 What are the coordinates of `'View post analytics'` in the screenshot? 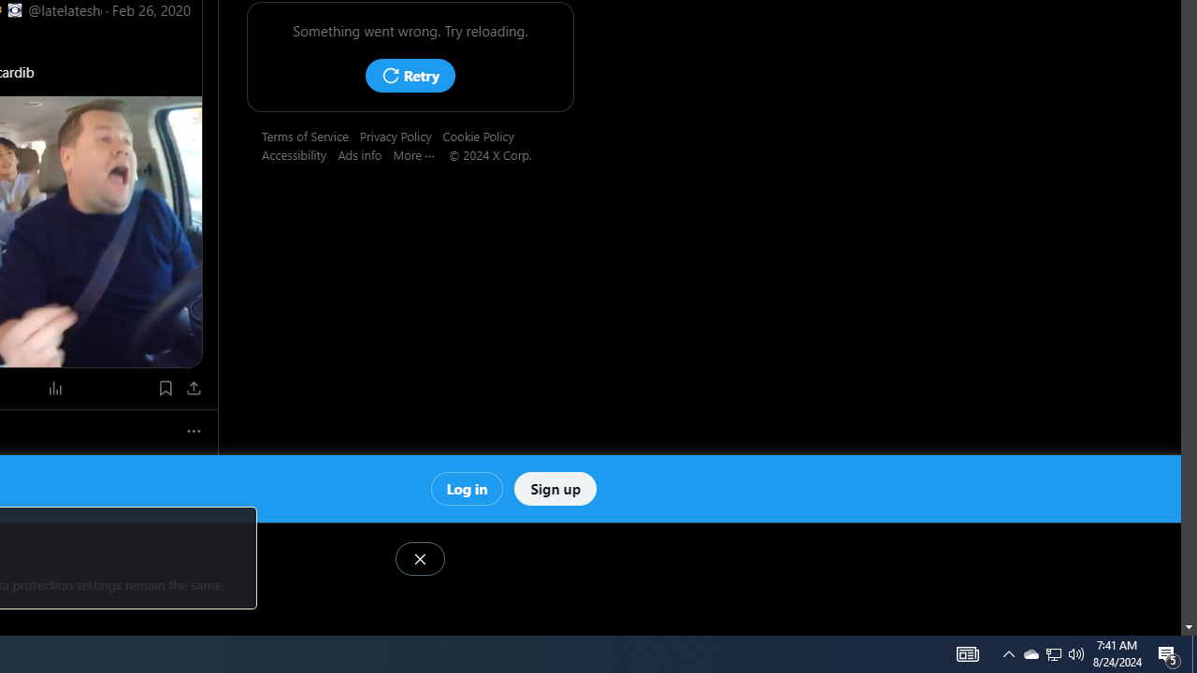 It's located at (56, 387).